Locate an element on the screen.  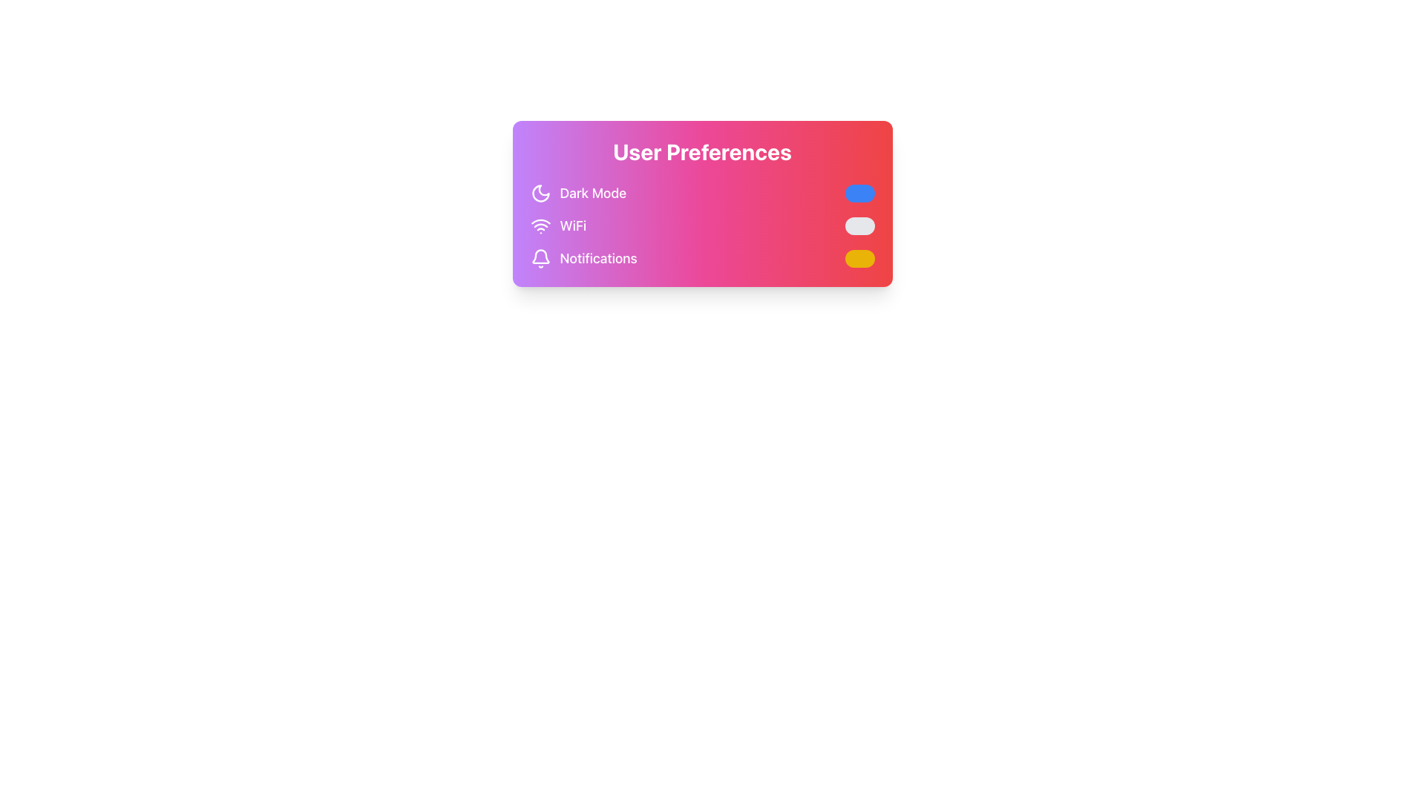
the 'Notifications' label with a bell icon located in the 'User Preferences' section, specifically the last option below 'WiFi' is located at coordinates (583, 257).